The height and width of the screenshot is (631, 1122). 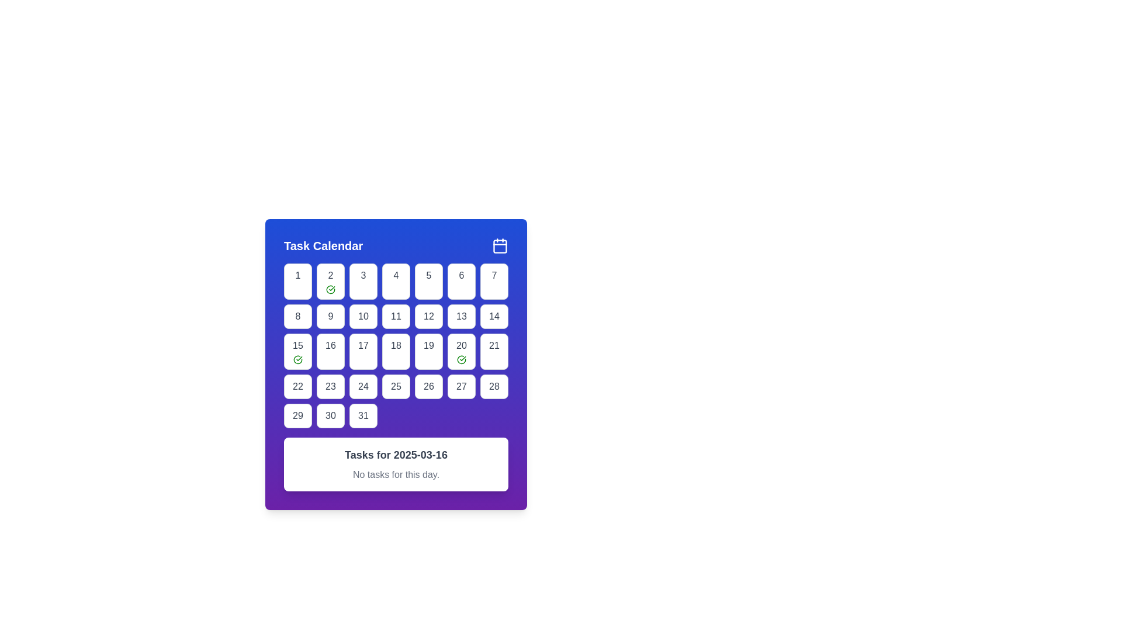 I want to click on text content of the date '16' in the March calendar view, located in the fourth row and second column of the grid, so click(x=330, y=345).